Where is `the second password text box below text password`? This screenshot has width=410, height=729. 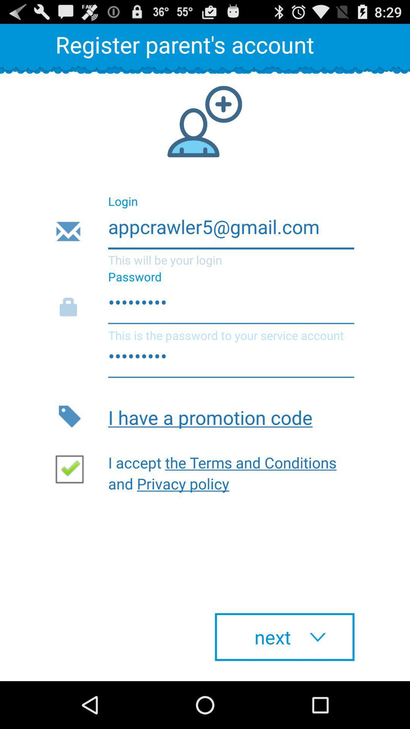 the second password text box below text password is located at coordinates (204, 359).